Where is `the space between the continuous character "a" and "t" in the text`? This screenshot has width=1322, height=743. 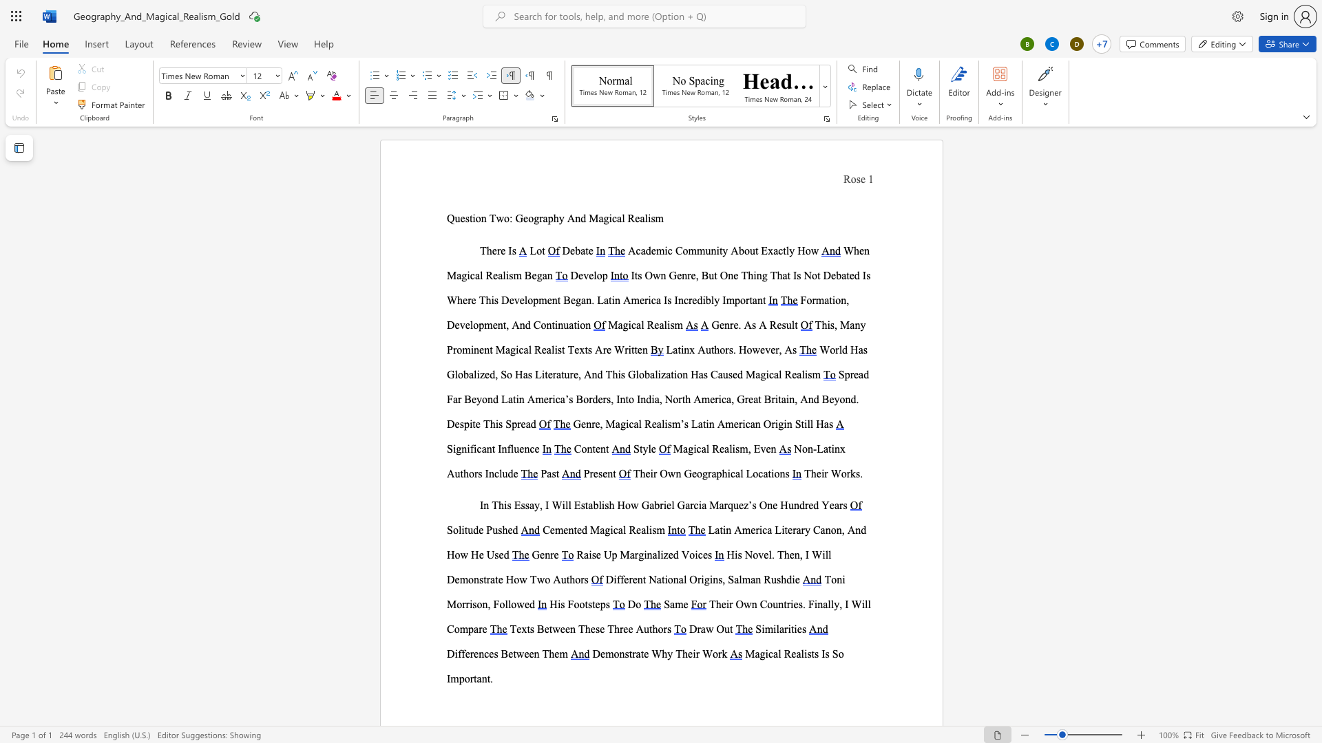
the space between the continuous character "a" and "t" in the text is located at coordinates (827, 449).